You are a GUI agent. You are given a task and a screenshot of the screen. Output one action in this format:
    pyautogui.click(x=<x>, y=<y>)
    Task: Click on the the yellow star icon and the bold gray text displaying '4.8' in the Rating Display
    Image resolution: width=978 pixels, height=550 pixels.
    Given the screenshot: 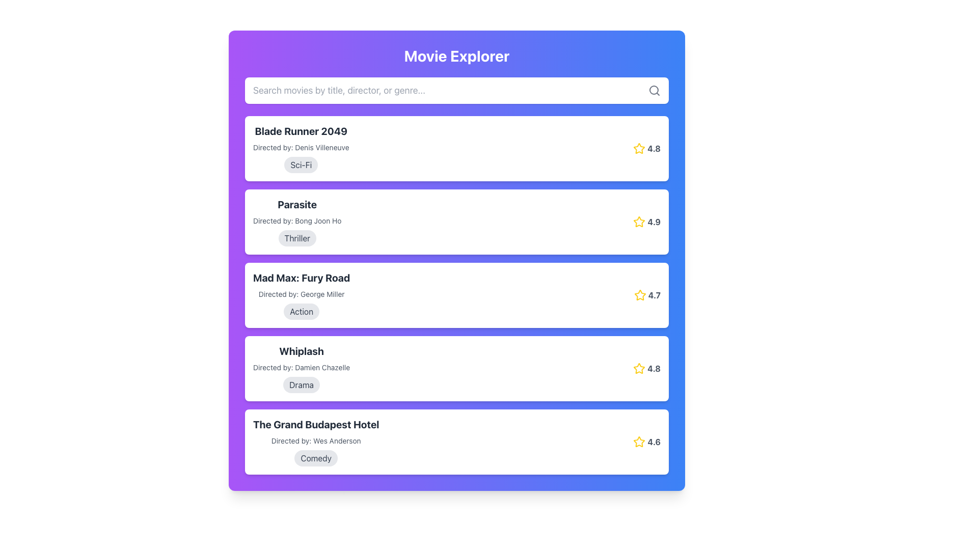 What is the action you would take?
    pyautogui.click(x=646, y=369)
    